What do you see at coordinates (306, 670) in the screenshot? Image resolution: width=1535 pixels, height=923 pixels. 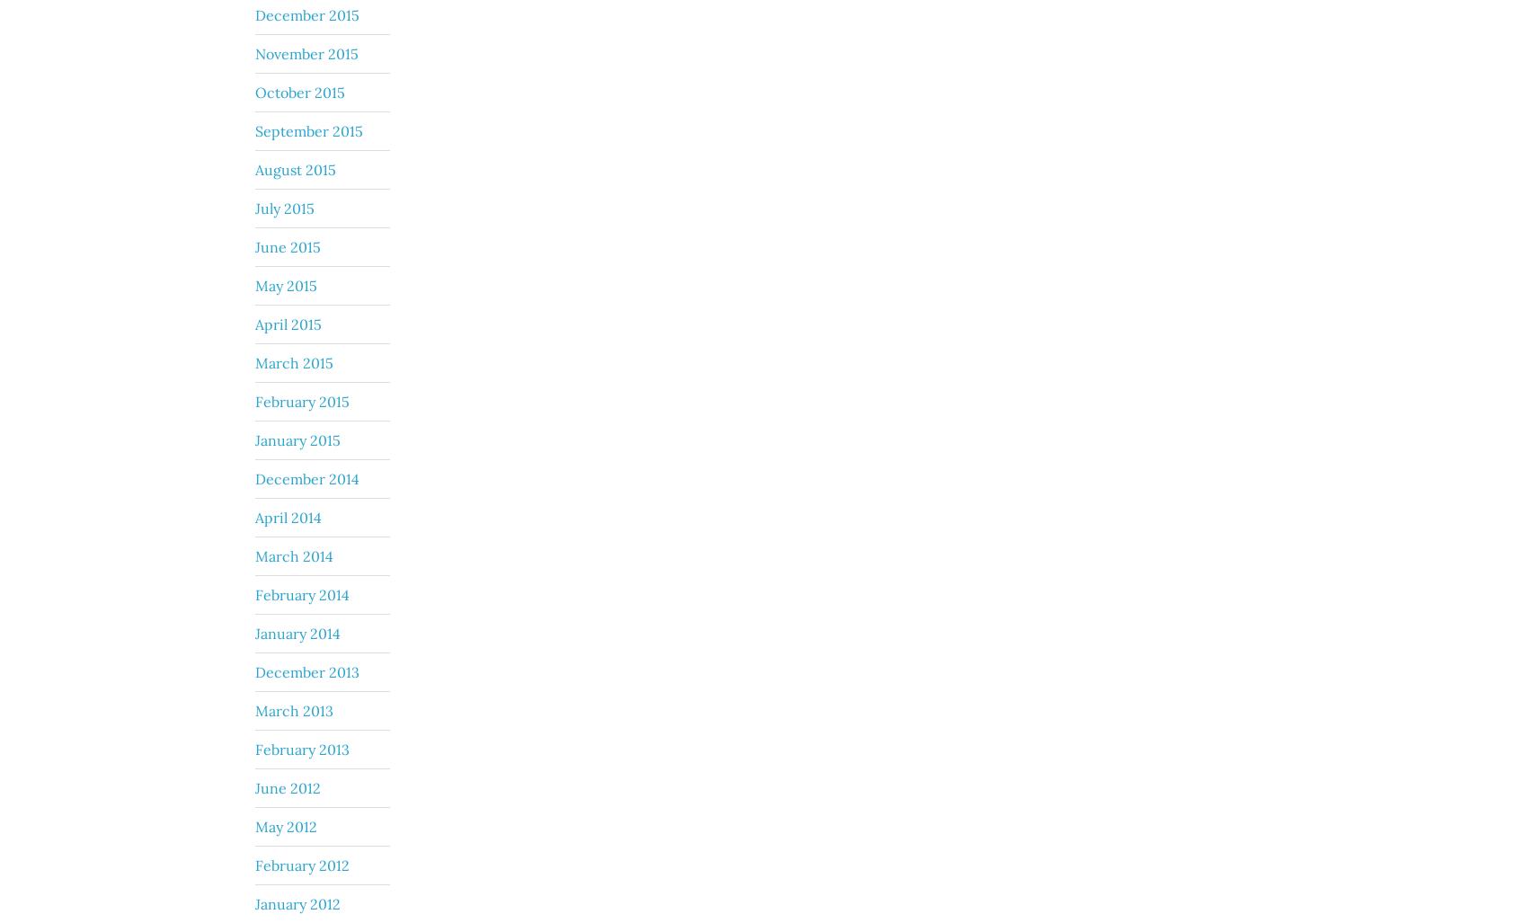 I see `'December 2013'` at bounding box center [306, 670].